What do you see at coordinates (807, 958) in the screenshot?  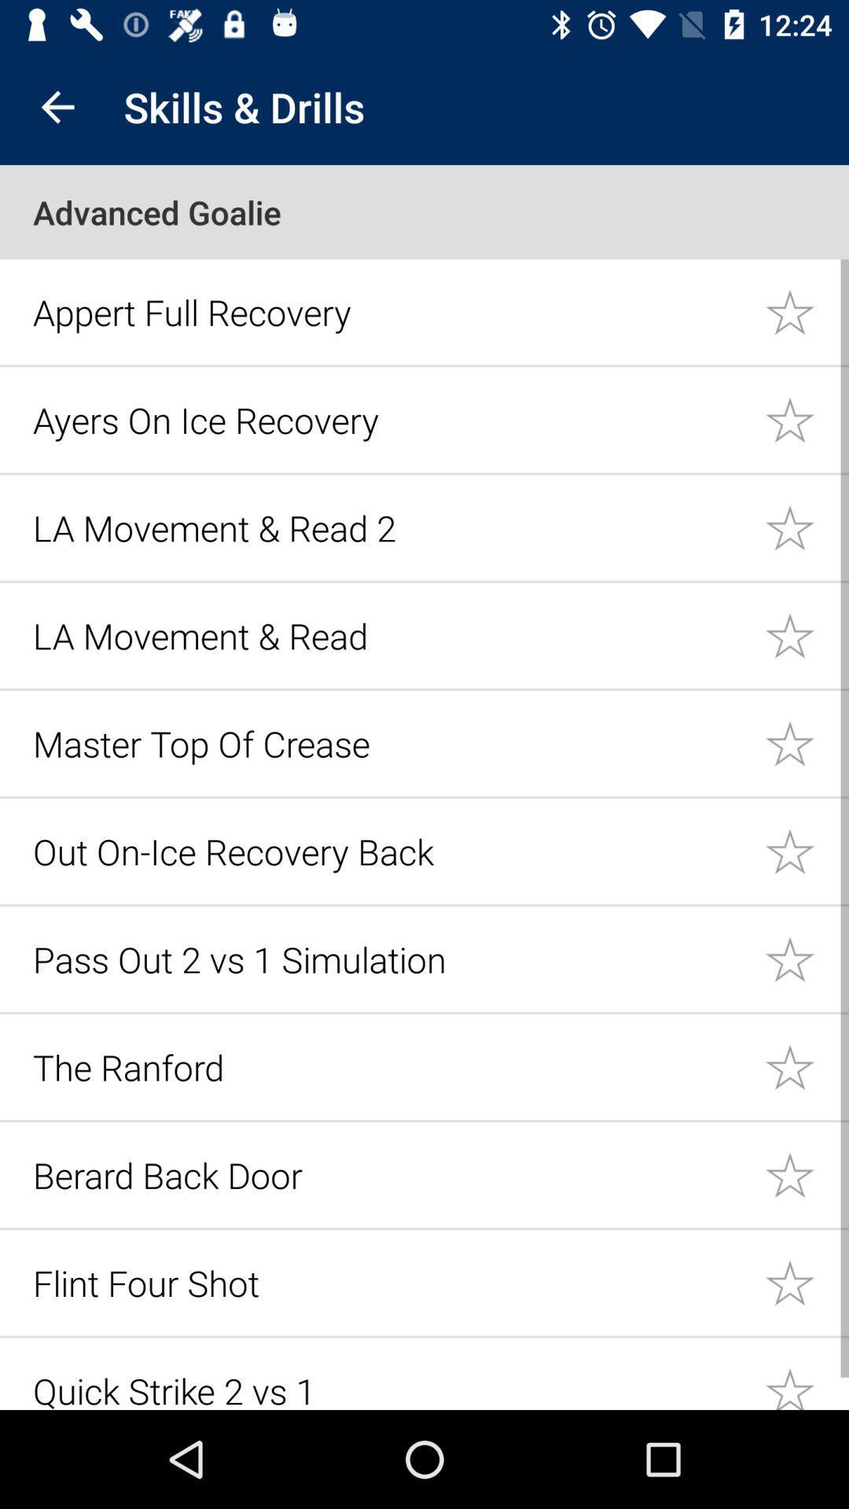 I see `symbol which is right to simulation` at bounding box center [807, 958].